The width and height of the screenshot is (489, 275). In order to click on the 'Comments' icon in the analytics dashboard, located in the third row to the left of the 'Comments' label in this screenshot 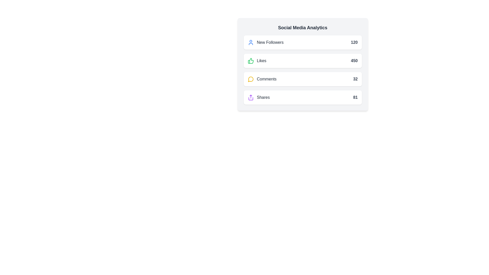, I will do `click(250, 79)`.